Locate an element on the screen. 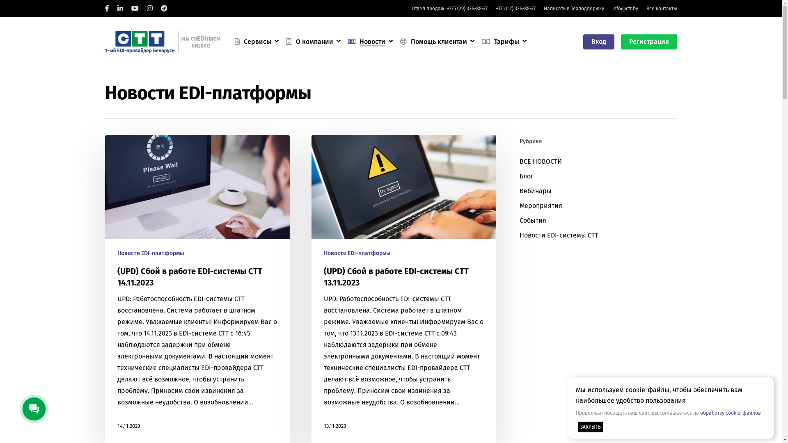 Image resolution: width=788 pixels, height=443 pixels. 'telegram' is located at coordinates (161, 8).